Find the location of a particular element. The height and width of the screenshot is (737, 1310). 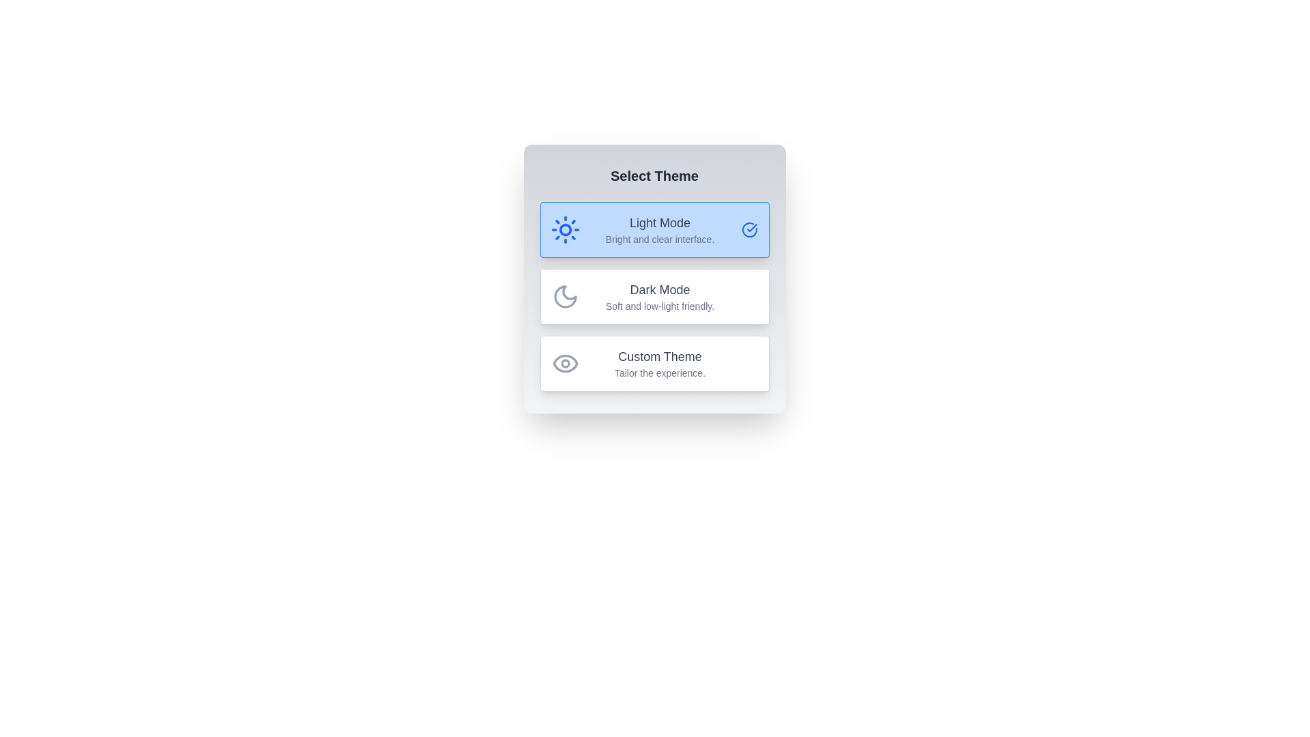

the third selectable card in the list, which allows the user to choose a custom theme option is located at coordinates (654, 362).